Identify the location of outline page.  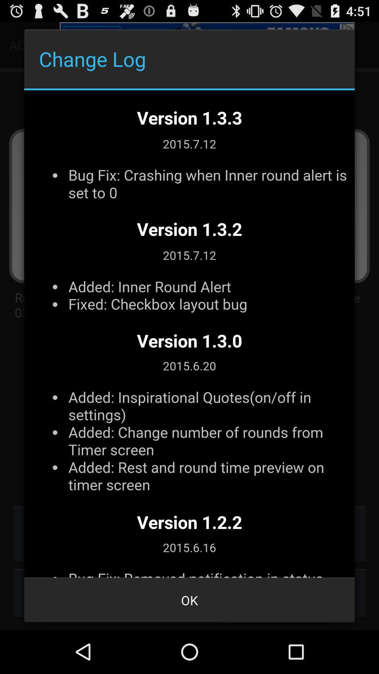
(189, 333).